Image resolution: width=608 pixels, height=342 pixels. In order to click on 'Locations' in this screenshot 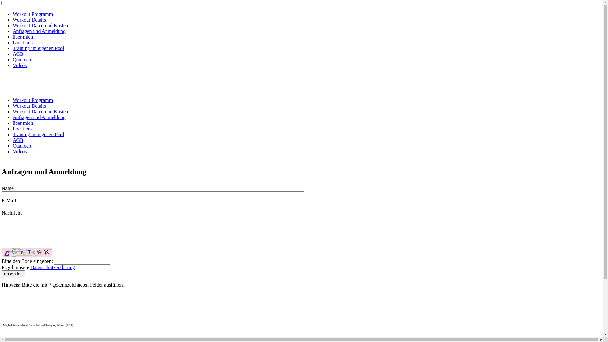, I will do `click(22, 42)`.